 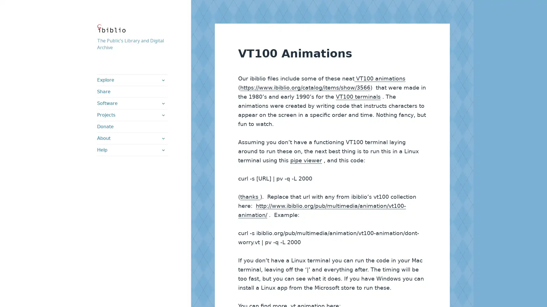 I want to click on expand child menu, so click(x=162, y=80).